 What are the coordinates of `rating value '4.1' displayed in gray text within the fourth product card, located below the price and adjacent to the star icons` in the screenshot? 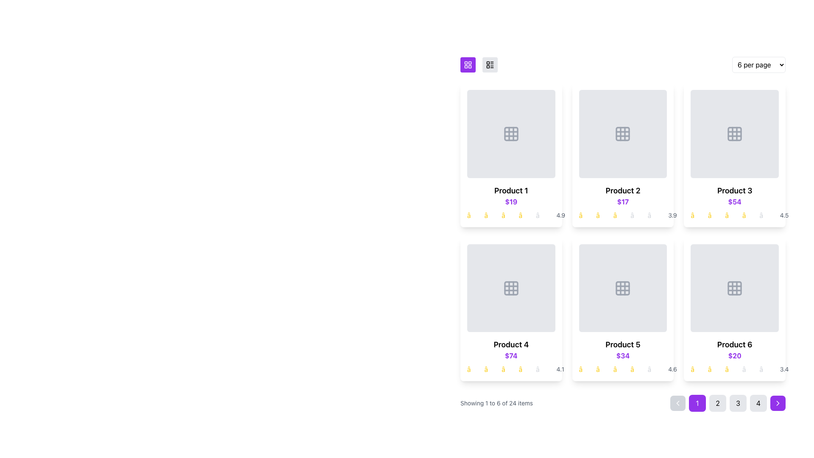 It's located at (560, 369).